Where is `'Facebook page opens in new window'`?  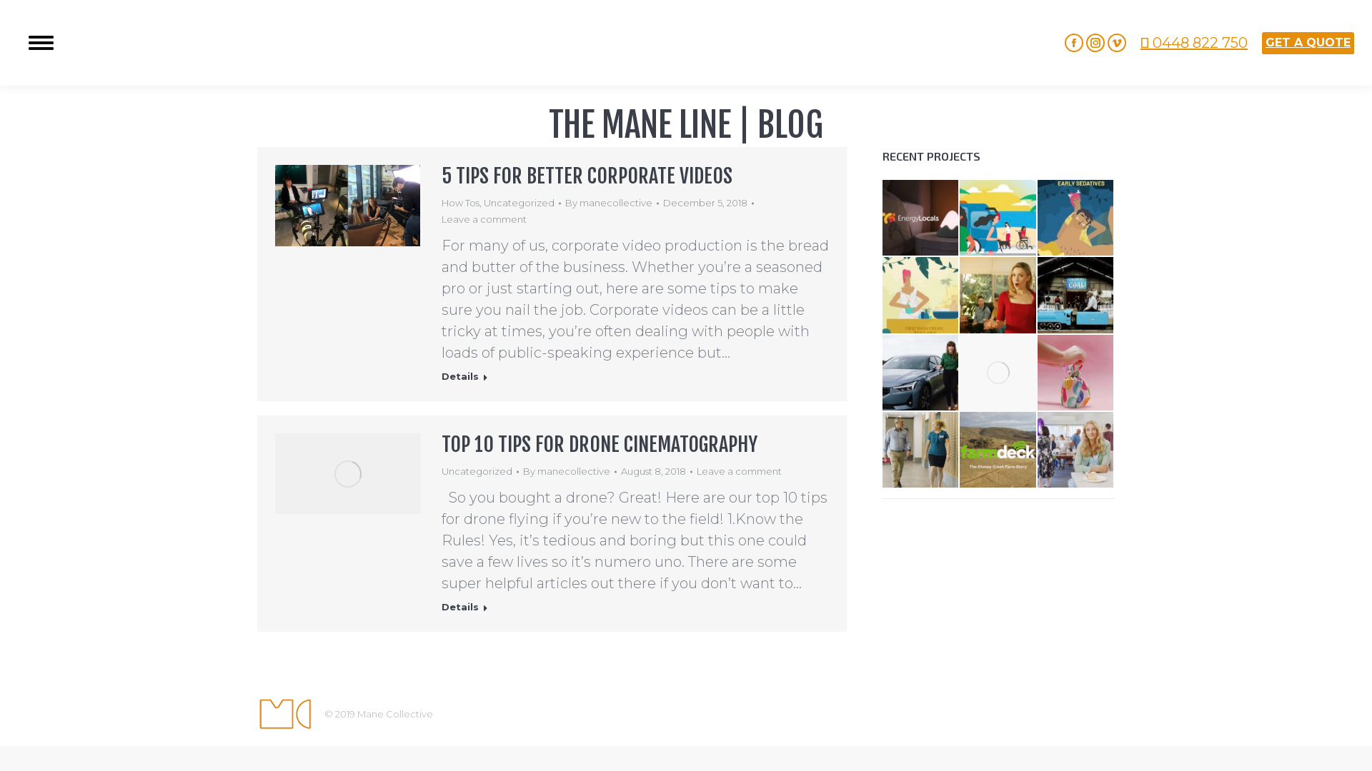 'Facebook page opens in new window' is located at coordinates (1064, 42).